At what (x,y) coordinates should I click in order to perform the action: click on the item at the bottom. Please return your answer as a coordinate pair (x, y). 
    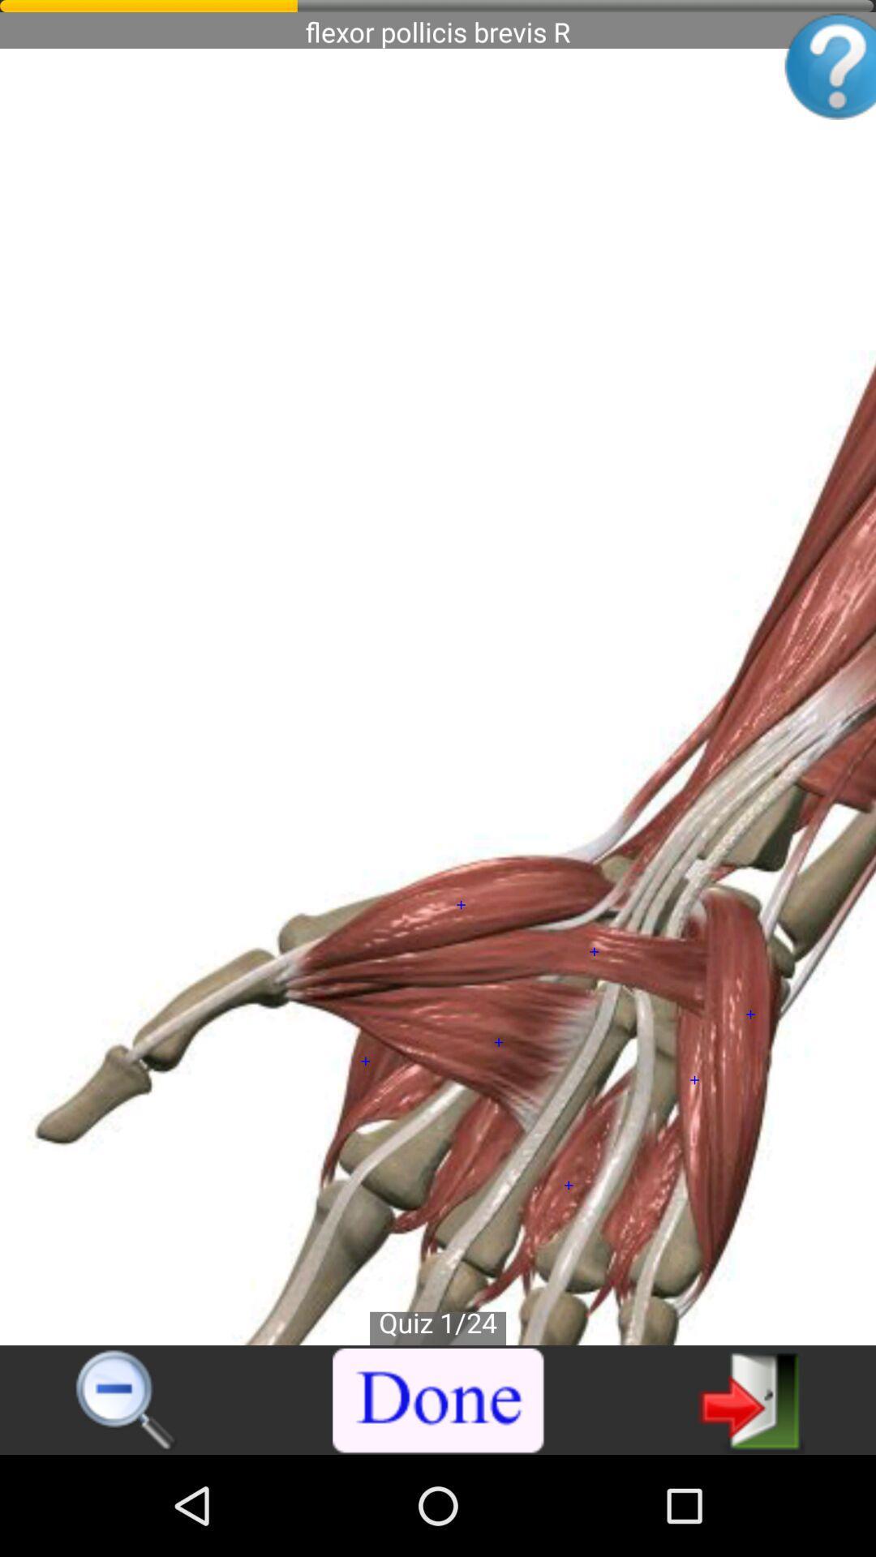
    Looking at the image, I should click on (439, 1400).